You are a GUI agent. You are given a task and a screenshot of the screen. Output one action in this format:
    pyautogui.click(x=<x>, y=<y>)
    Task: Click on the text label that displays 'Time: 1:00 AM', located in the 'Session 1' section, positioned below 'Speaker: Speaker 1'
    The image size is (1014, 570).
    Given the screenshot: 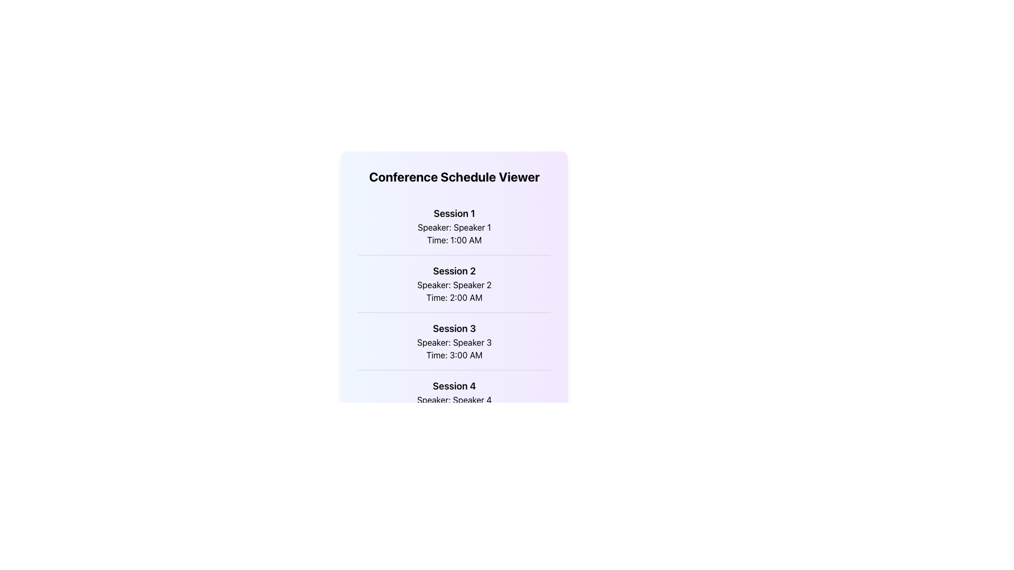 What is the action you would take?
    pyautogui.click(x=454, y=240)
    